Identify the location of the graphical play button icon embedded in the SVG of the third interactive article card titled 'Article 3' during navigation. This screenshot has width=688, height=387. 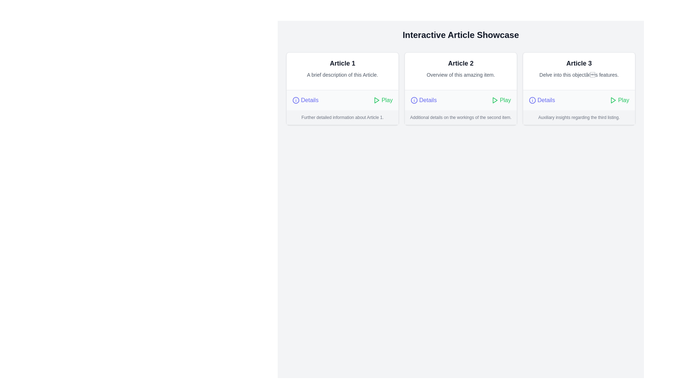
(613, 100).